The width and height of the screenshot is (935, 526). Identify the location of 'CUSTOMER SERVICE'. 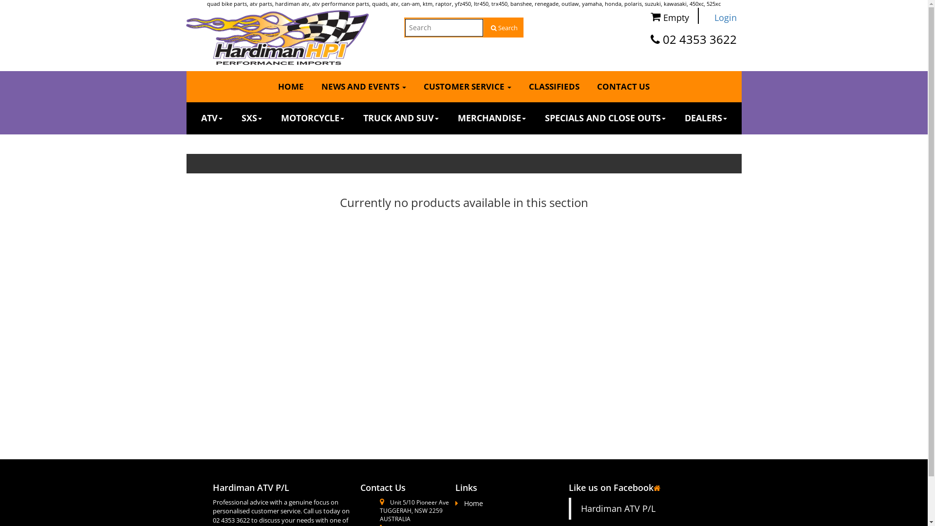
(467, 86).